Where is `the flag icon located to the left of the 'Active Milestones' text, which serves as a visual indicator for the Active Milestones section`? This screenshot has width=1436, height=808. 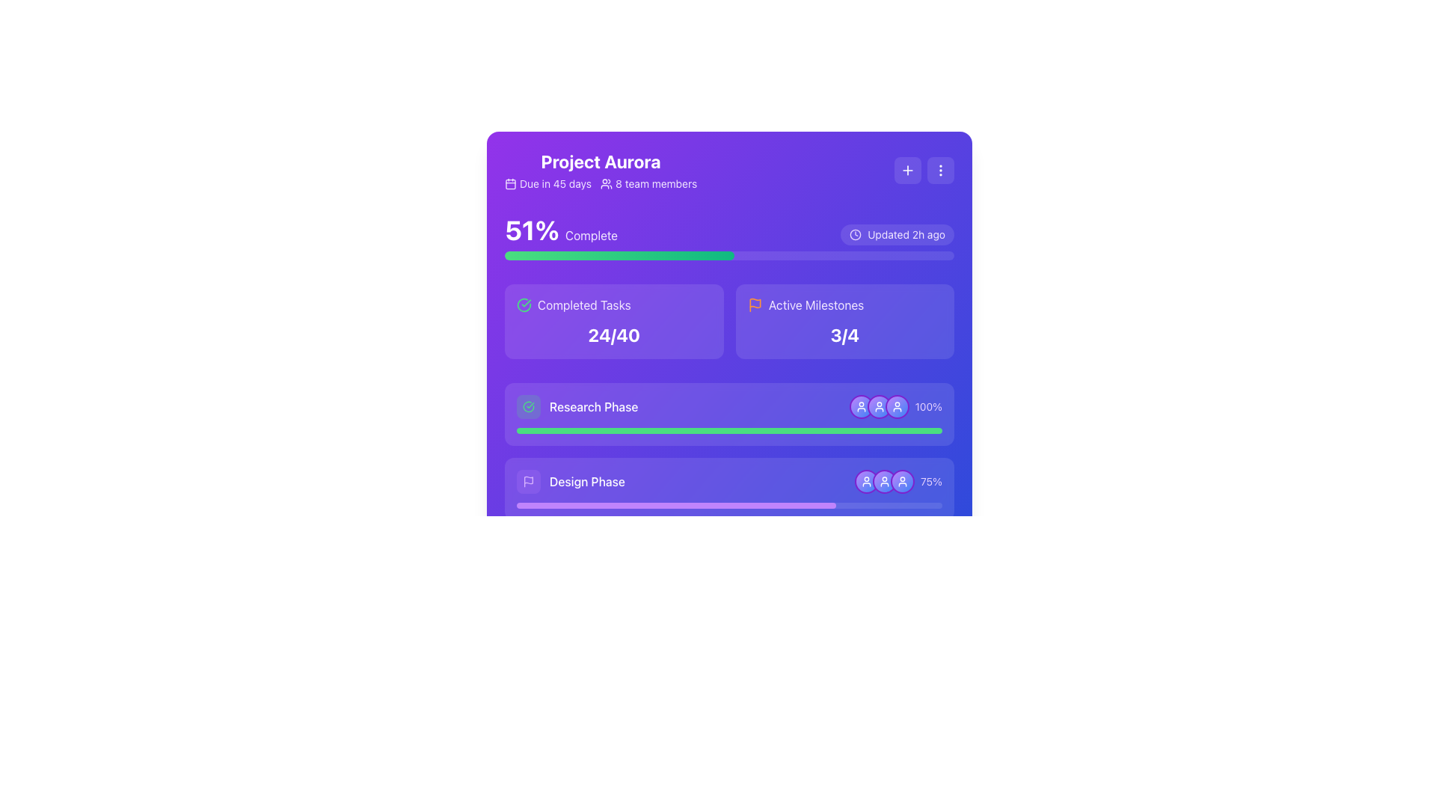
the flag icon located to the left of the 'Active Milestones' text, which serves as a visual indicator for the Active Milestones section is located at coordinates (755, 304).